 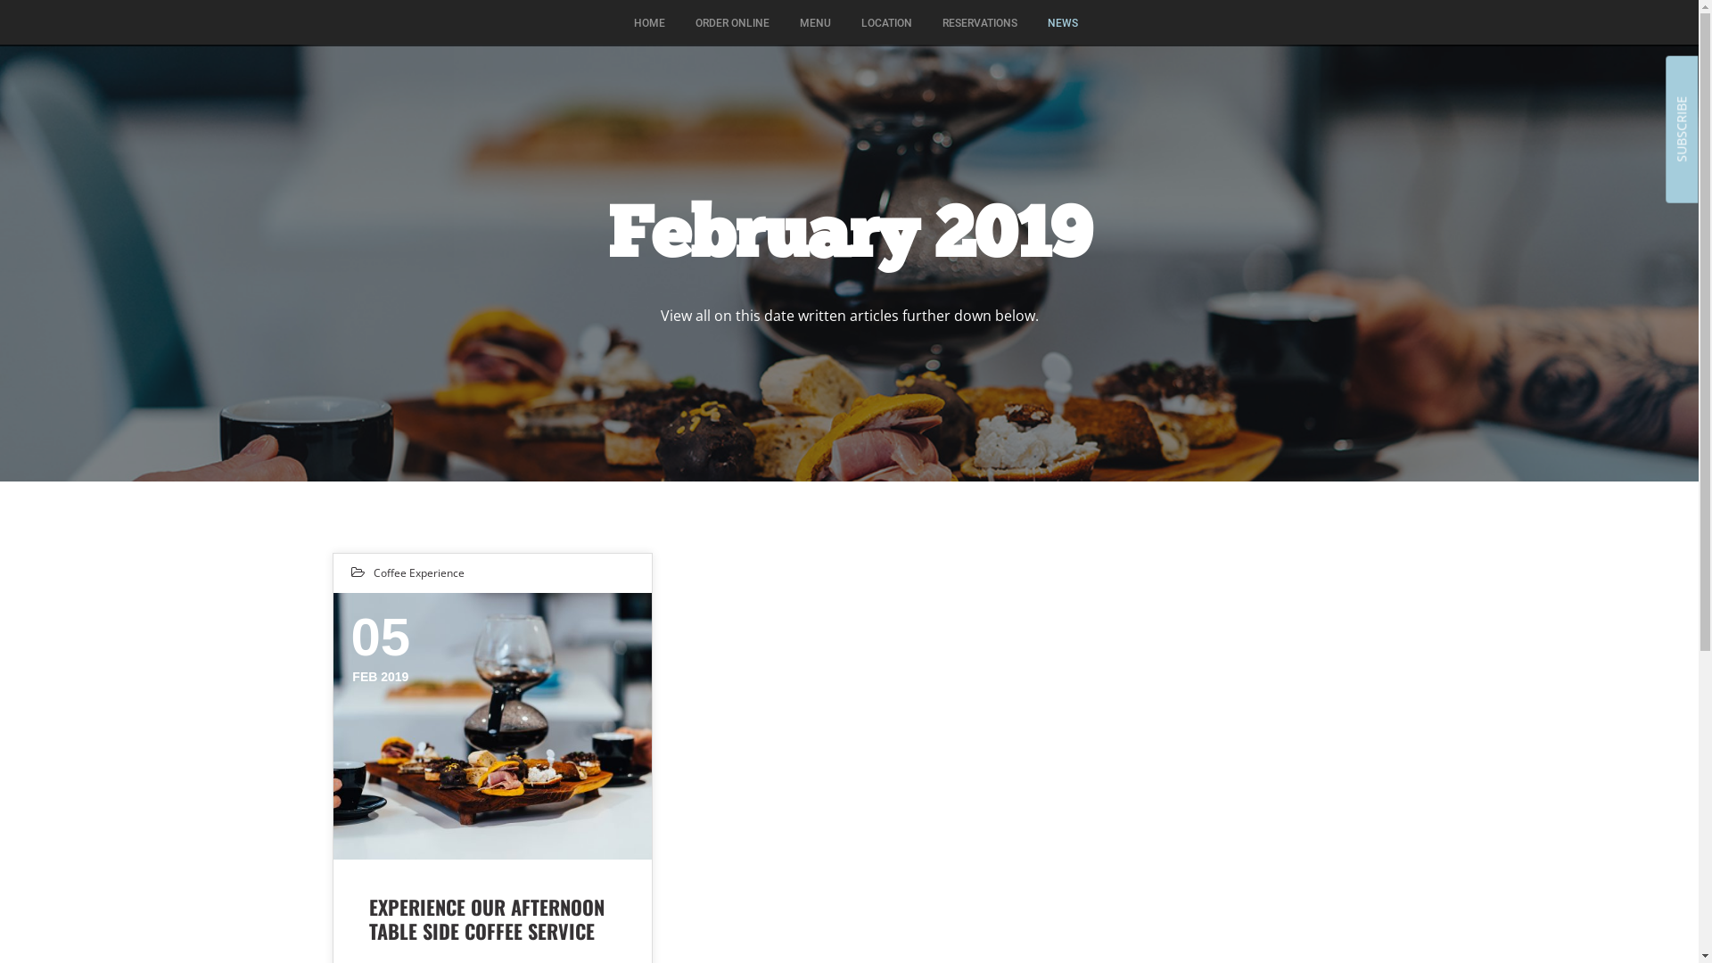 What do you see at coordinates (417, 572) in the screenshot?
I see `'Coffee Experience'` at bounding box center [417, 572].